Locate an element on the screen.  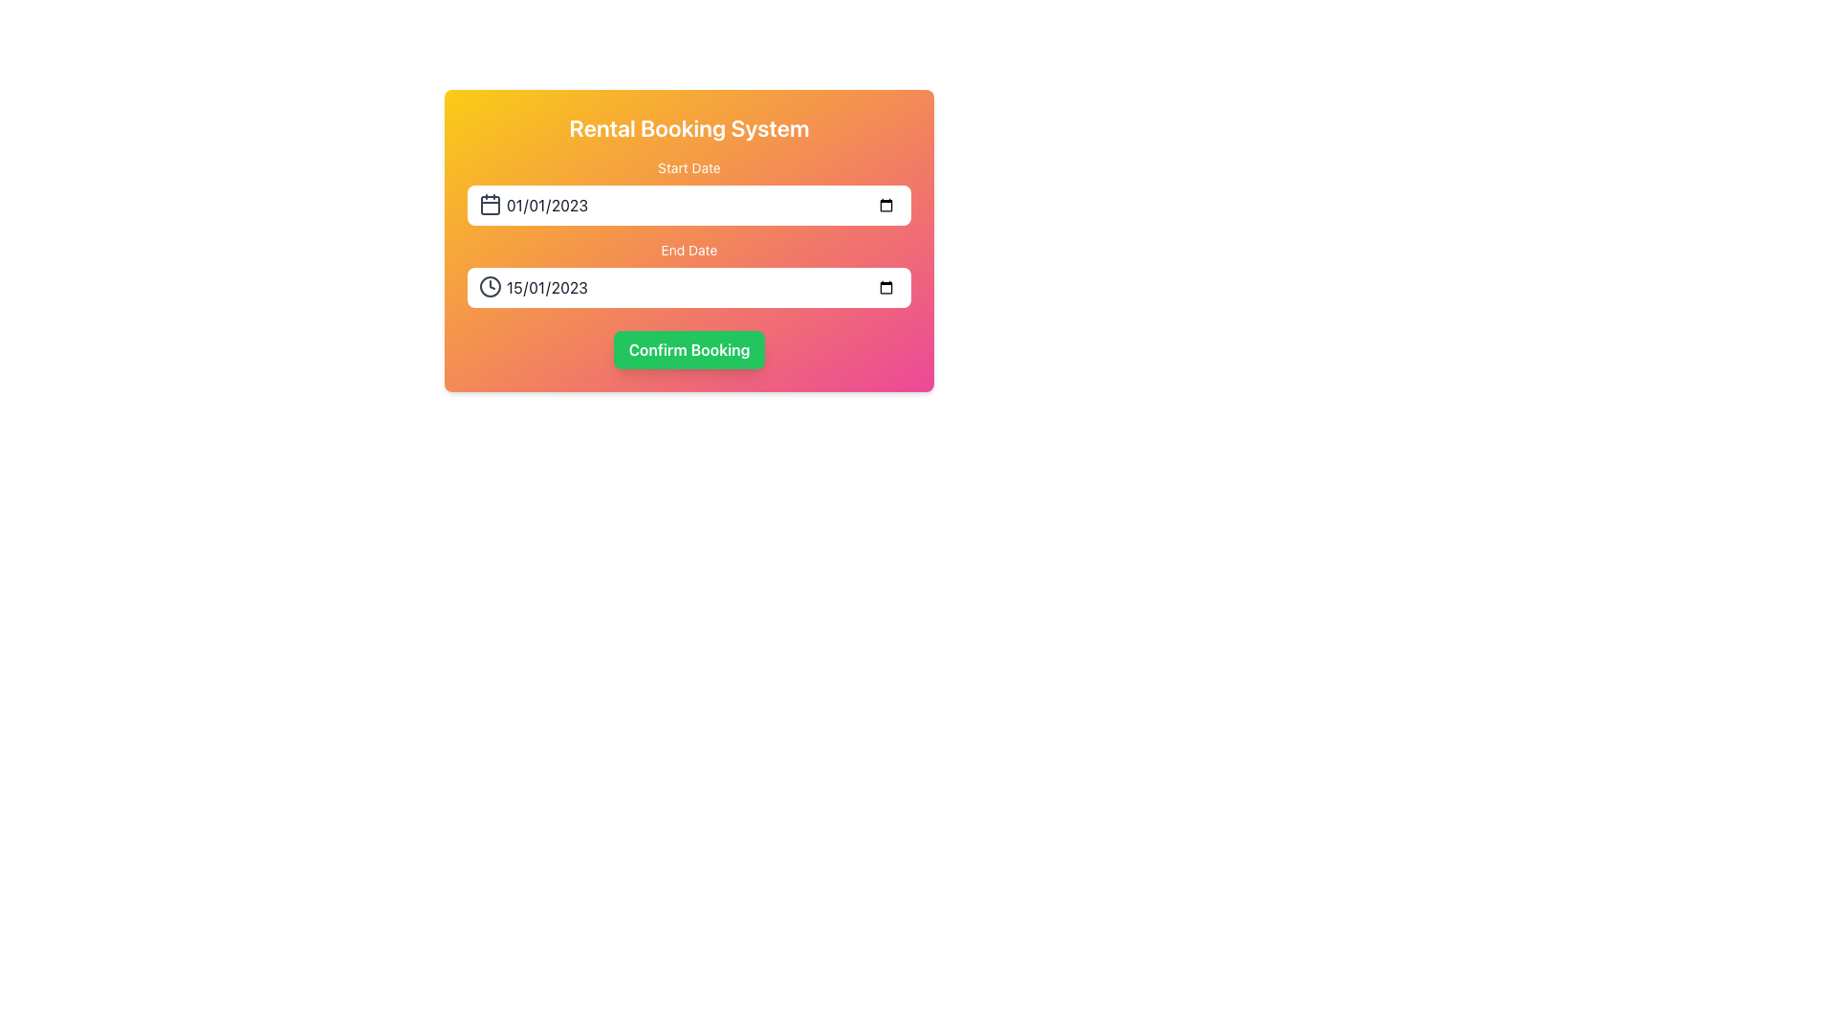
the calendar icon located to the left of the 'Start Date' input box, which features a square shape with rounded corners and a calendar grid inside is located at coordinates (491, 204).